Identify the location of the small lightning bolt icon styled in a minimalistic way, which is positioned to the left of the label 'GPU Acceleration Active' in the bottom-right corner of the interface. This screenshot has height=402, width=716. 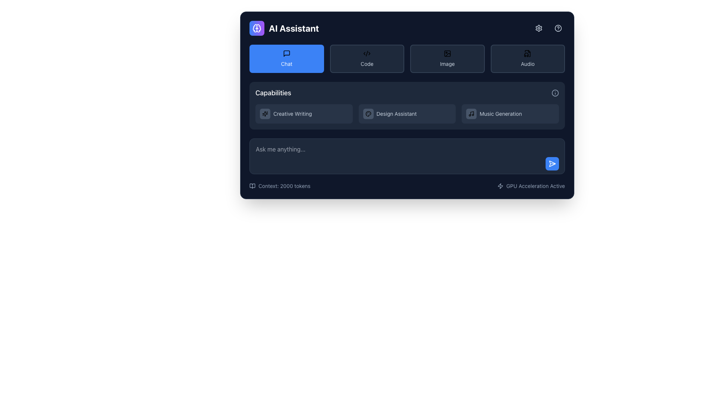
(500, 186).